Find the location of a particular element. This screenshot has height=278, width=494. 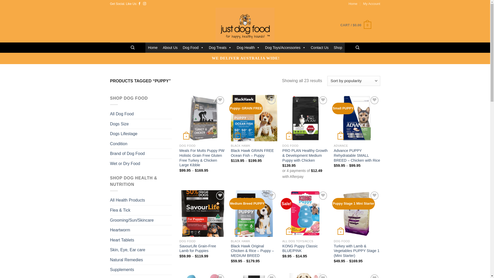

'Grooming/Sun/Skincare' is located at coordinates (110, 220).